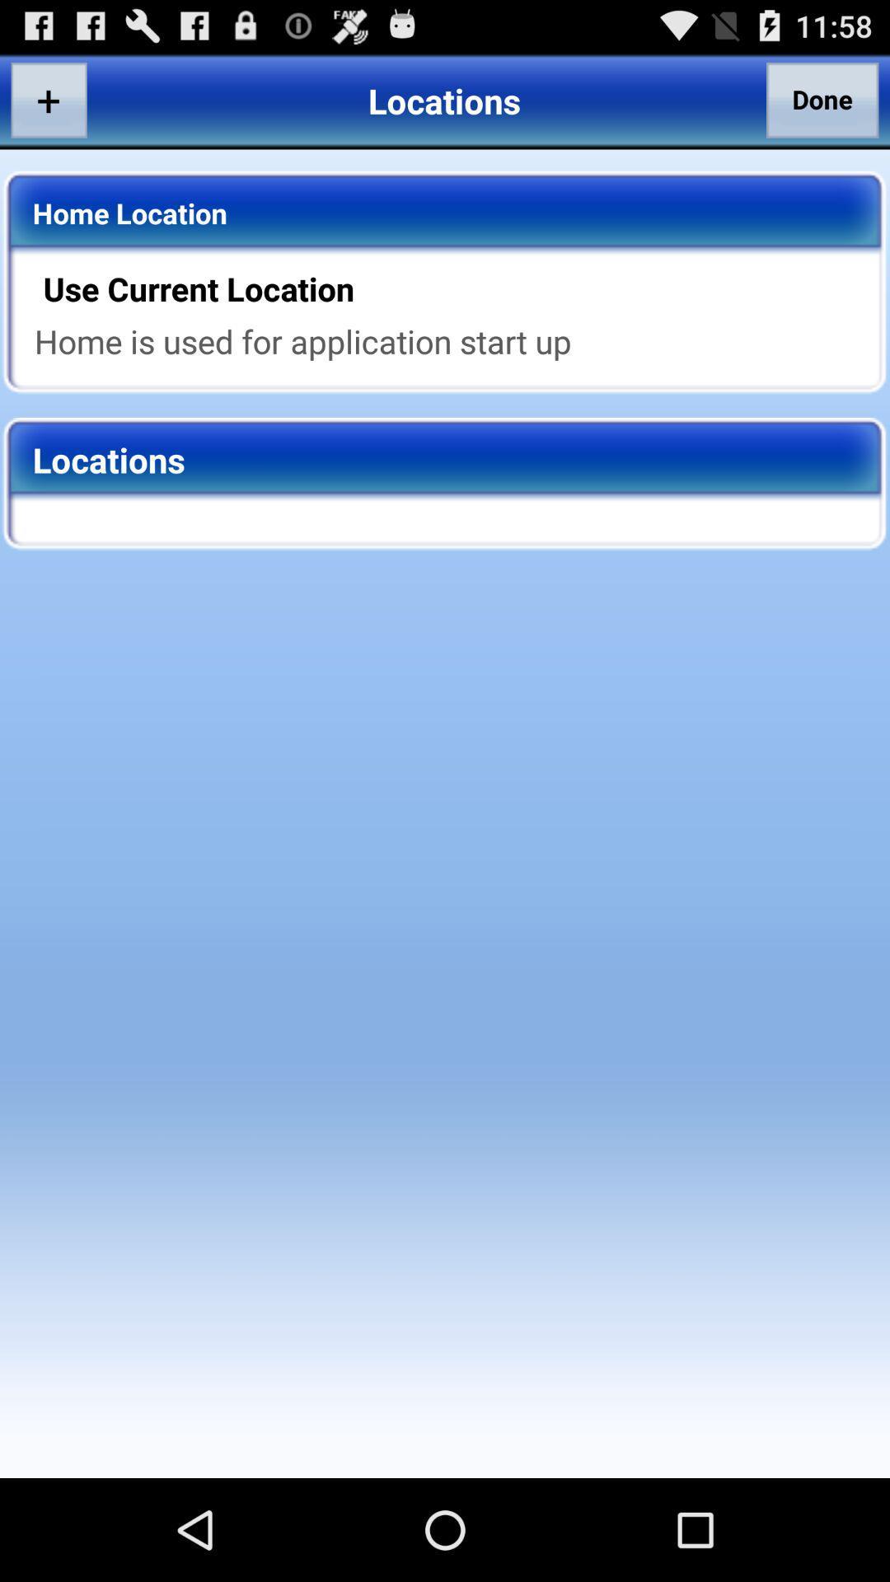 Image resolution: width=890 pixels, height=1582 pixels. What do you see at coordinates (822, 99) in the screenshot?
I see `the done button` at bounding box center [822, 99].